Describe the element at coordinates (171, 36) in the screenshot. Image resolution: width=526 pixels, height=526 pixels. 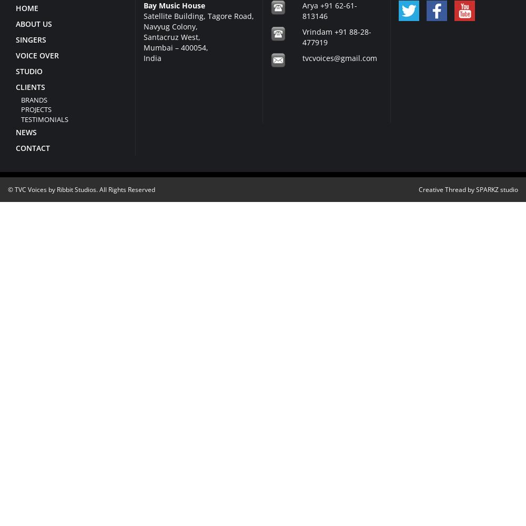
I see `'Santacruz West,'` at that location.